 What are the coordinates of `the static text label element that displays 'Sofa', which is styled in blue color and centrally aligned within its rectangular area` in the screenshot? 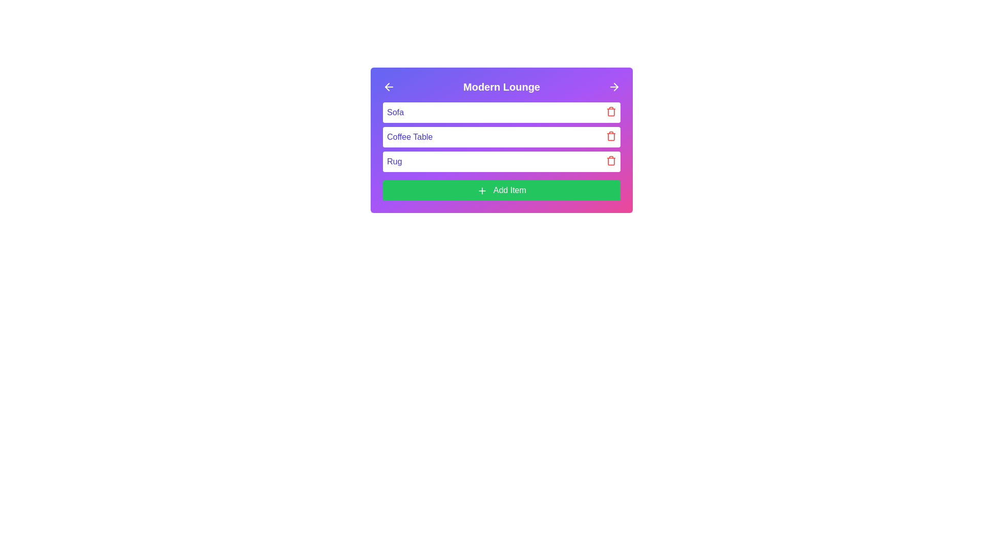 It's located at (395, 112).